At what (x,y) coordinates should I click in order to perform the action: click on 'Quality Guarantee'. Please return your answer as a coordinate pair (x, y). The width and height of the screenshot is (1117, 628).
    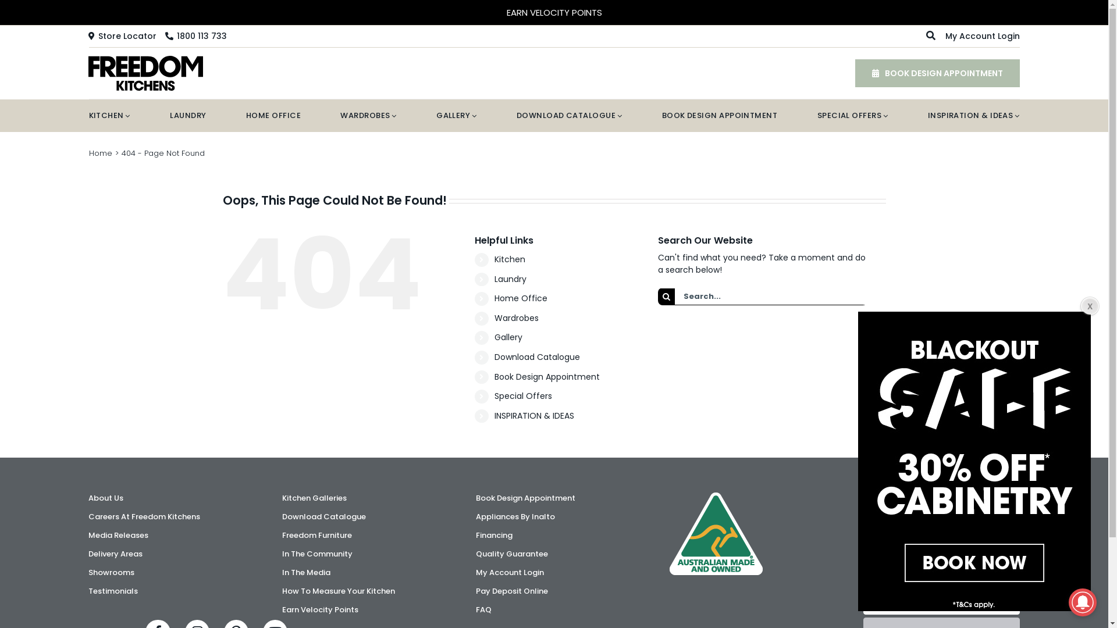
    Looking at the image, I should click on (553, 553).